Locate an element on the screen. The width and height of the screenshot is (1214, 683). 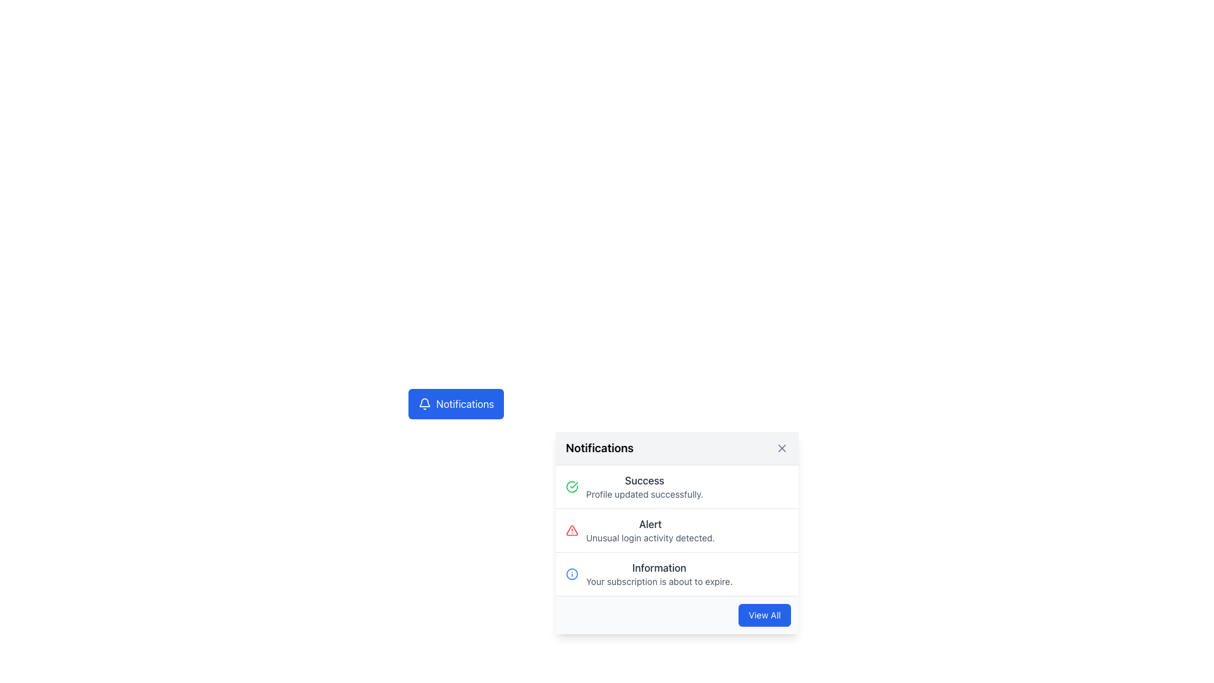
the third notification in the dropdown that informs the user about the subscription's impending expiration, positioned below the 'Alert' notification and above the 'View All' button is located at coordinates (658, 574).